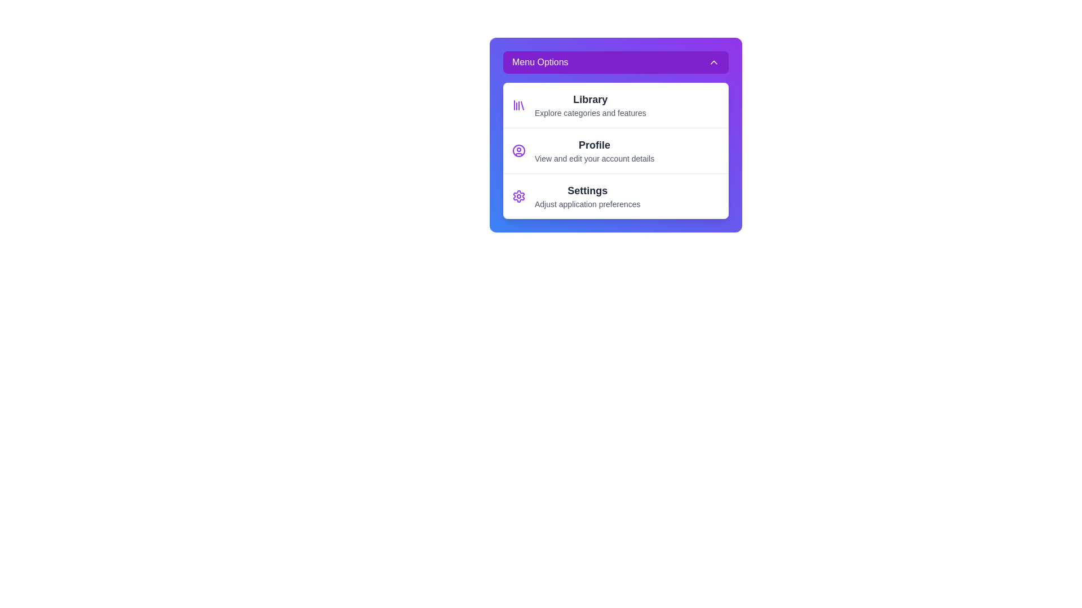 Image resolution: width=1082 pixels, height=608 pixels. Describe the element at coordinates (518, 195) in the screenshot. I see `the gear-shaped icon with a purple color, which represents the settings symbol located at the bottom right of the menu card, next to the label 'Settings'` at that location.